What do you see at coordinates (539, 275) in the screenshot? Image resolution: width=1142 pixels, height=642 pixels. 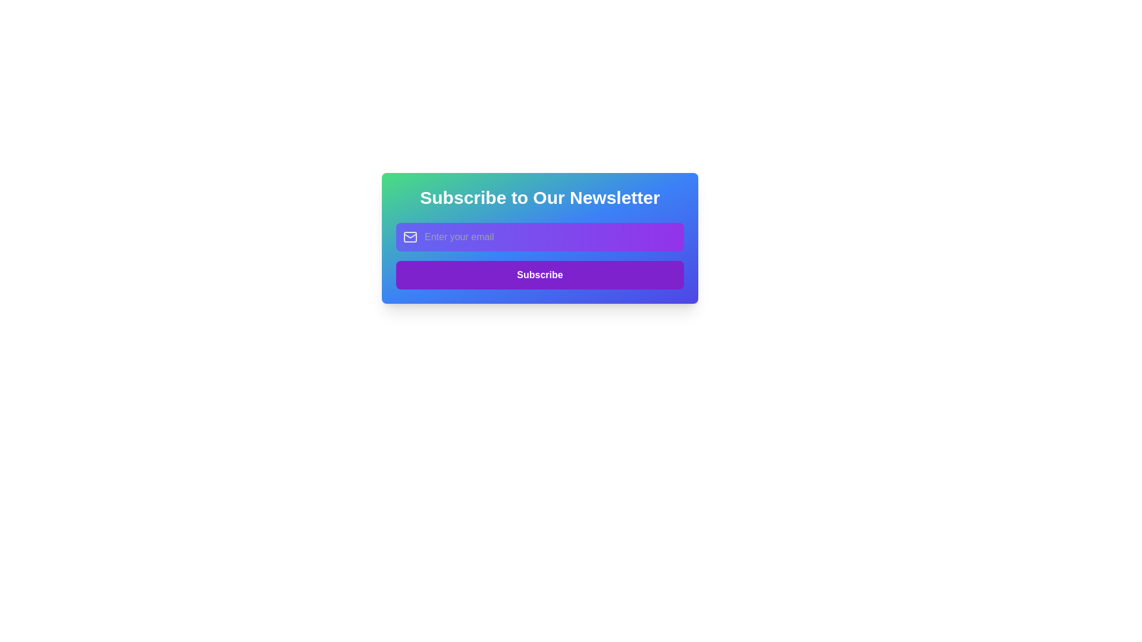 I see `the 'Subscribe' button with a purple background and white bold text` at bounding box center [539, 275].